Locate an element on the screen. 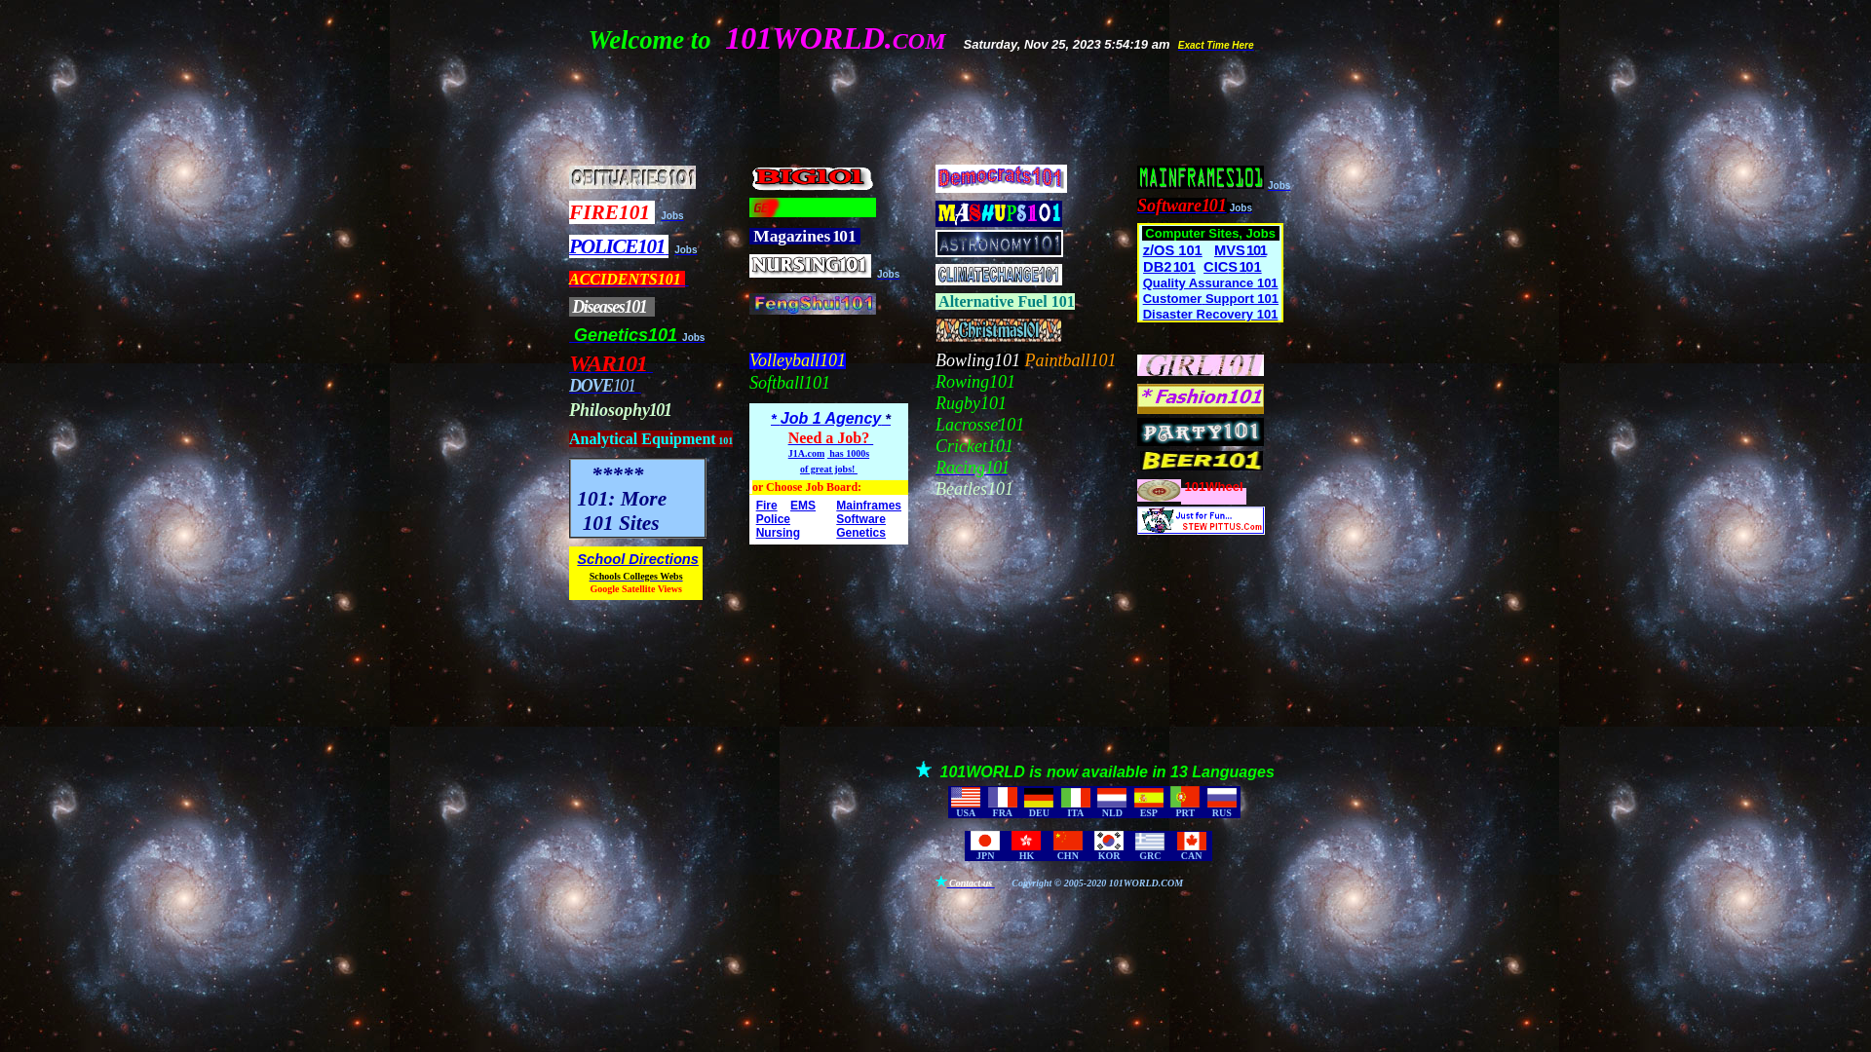 The image size is (1871, 1052). 'DB2 101' is located at coordinates (1169, 266).